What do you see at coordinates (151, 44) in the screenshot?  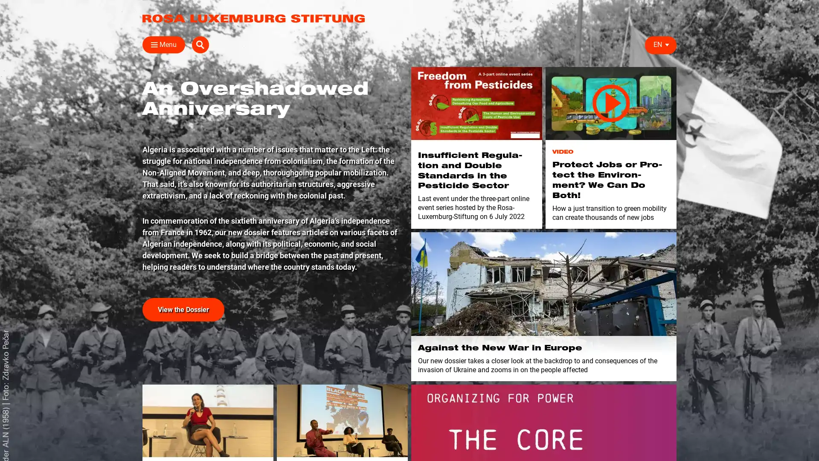 I see `Close` at bounding box center [151, 44].